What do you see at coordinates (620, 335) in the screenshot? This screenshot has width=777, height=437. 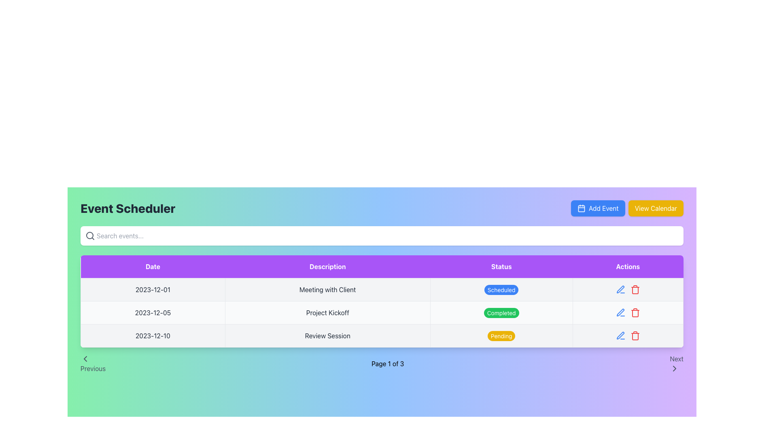 I see `the blue pen icon in the Actions column of the bottom row of the table` at bounding box center [620, 335].